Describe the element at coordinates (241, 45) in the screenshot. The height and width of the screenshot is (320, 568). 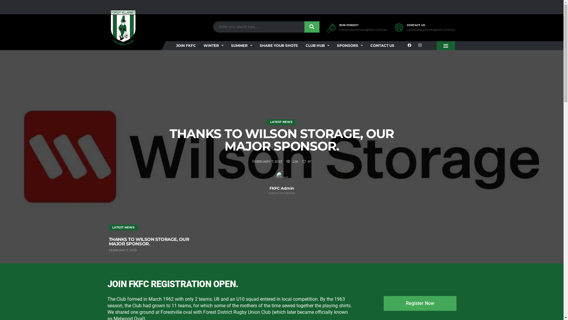
I see `'SUMMER'` at that location.